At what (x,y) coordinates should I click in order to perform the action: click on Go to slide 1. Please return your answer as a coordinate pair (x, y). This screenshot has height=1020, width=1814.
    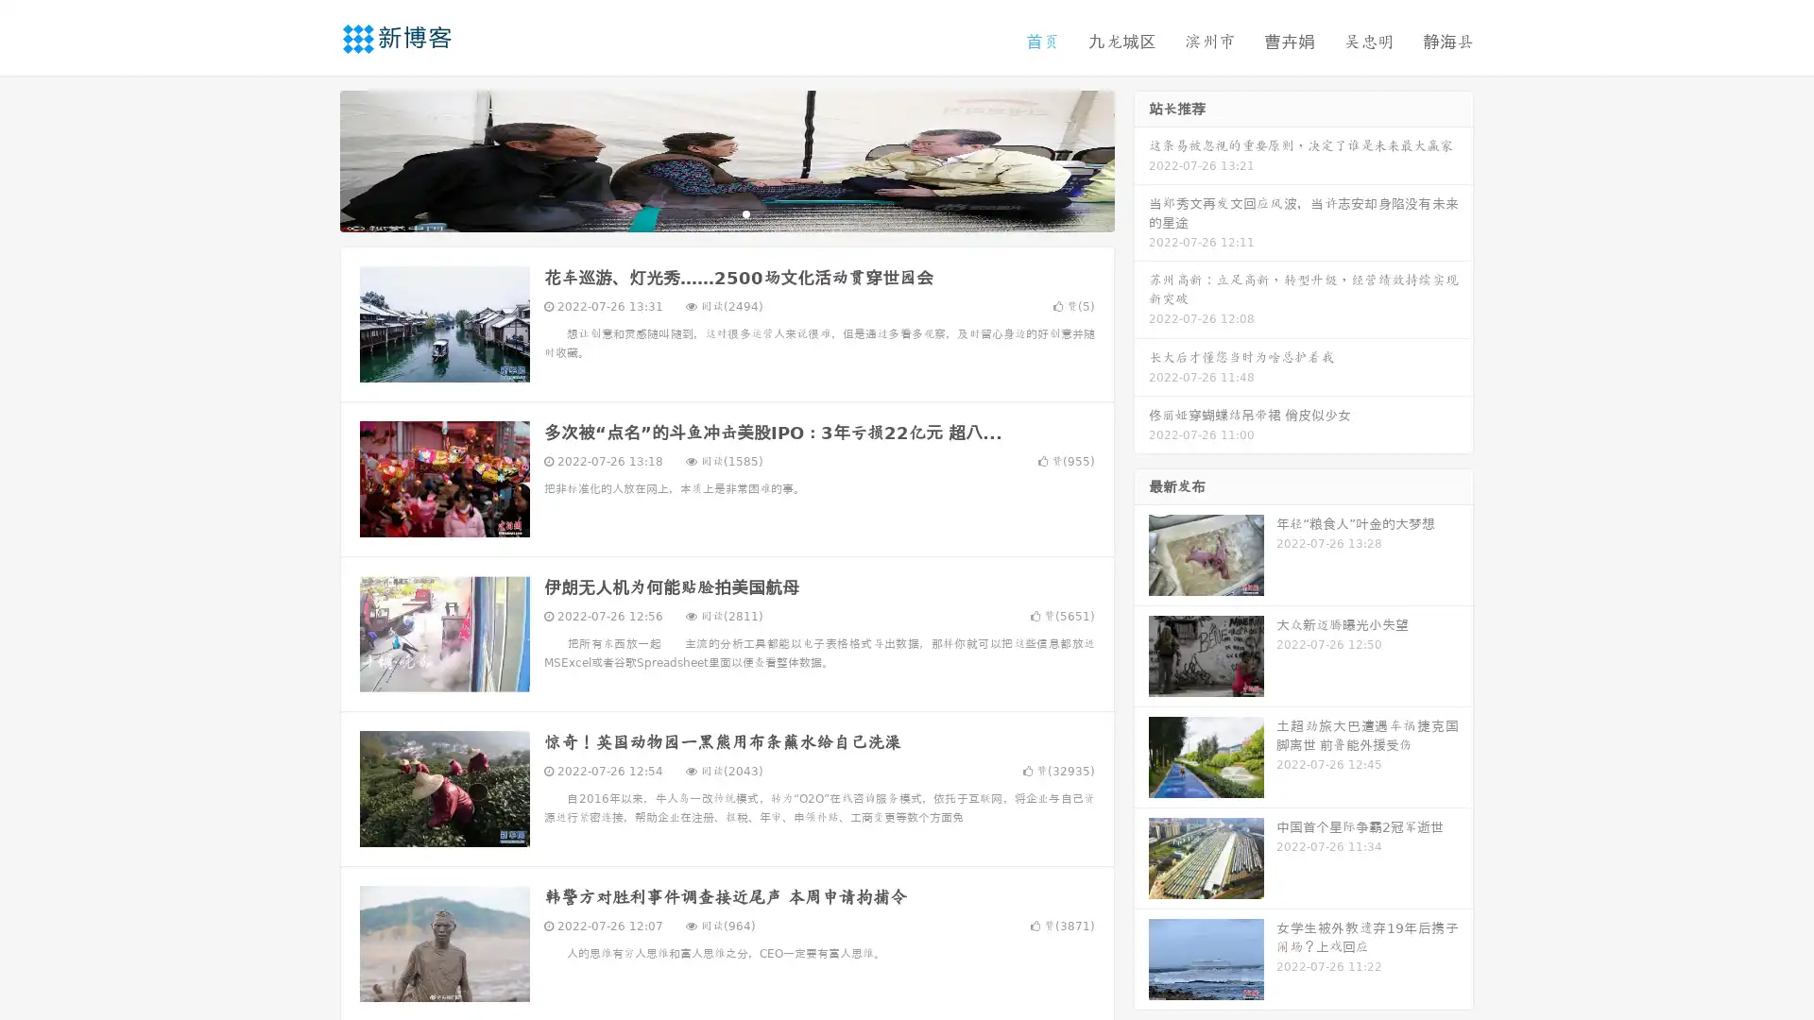
    Looking at the image, I should click on (707, 212).